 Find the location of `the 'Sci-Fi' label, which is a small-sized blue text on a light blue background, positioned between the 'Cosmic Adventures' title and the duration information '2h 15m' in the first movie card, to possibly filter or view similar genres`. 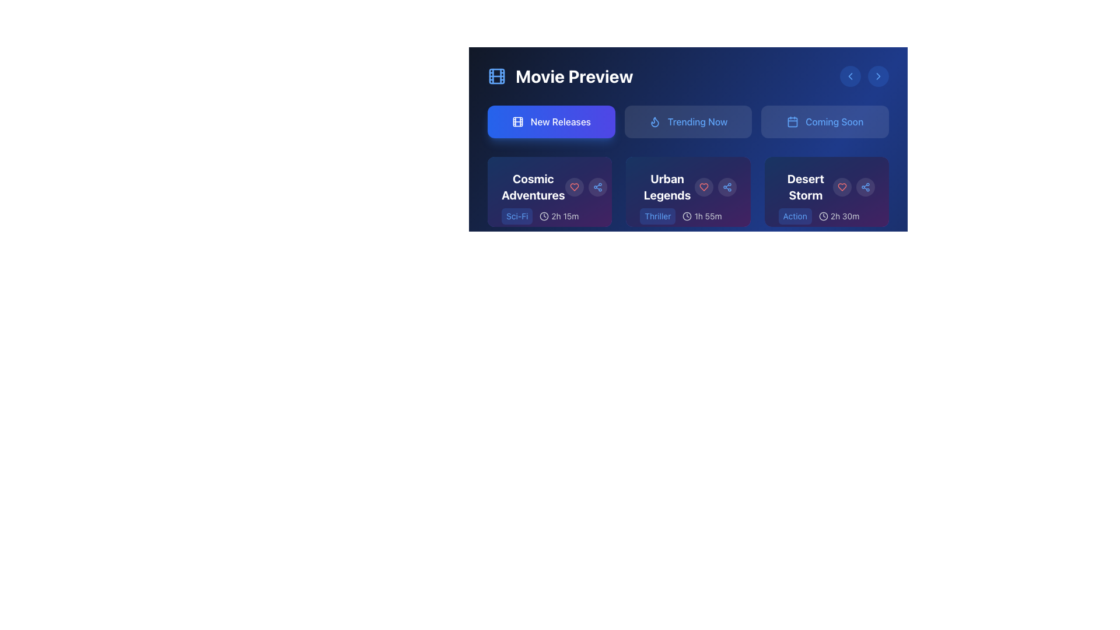

the 'Sci-Fi' label, which is a small-sized blue text on a light blue background, positioned between the 'Cosmic Adventures' title and the duration information '2h 15m' in the first movie card, to possibly filter or view similar genres is located at coordinates (516, 216).